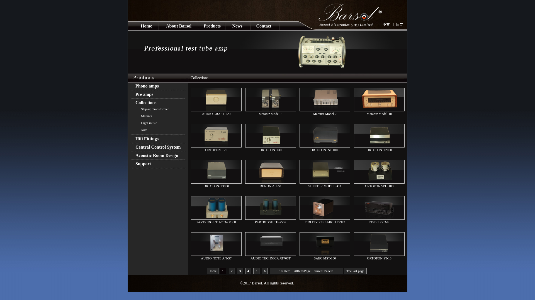 The height and width of the screenshot is (300, 535). I want to click on 'Home', so click(212, 271).